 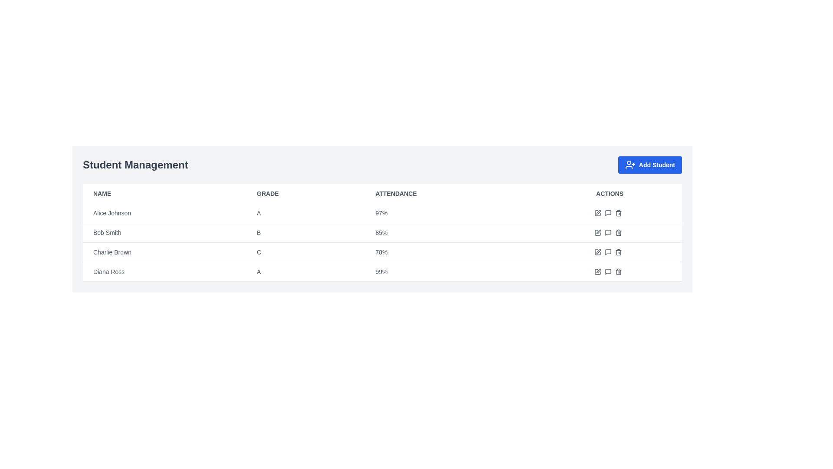 What do you see at coordinates (607, 213) in the screenshot?
I see `the messaging/commenting icon in the Actions column of Bob Smith's row` at bounding box center [607, 213].